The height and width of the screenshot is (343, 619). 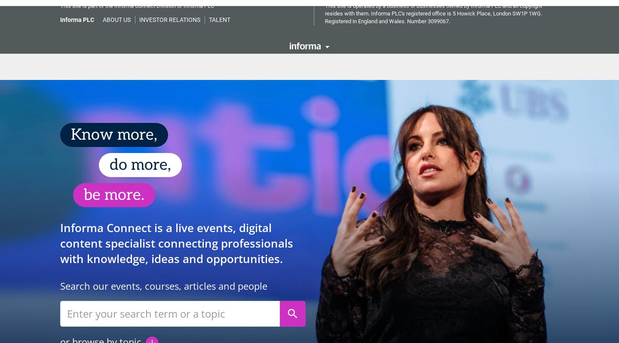 What do you see at coordinates (285, 60) in the screenshot?
I see `'Careers'` at bounding box center [285, 60].